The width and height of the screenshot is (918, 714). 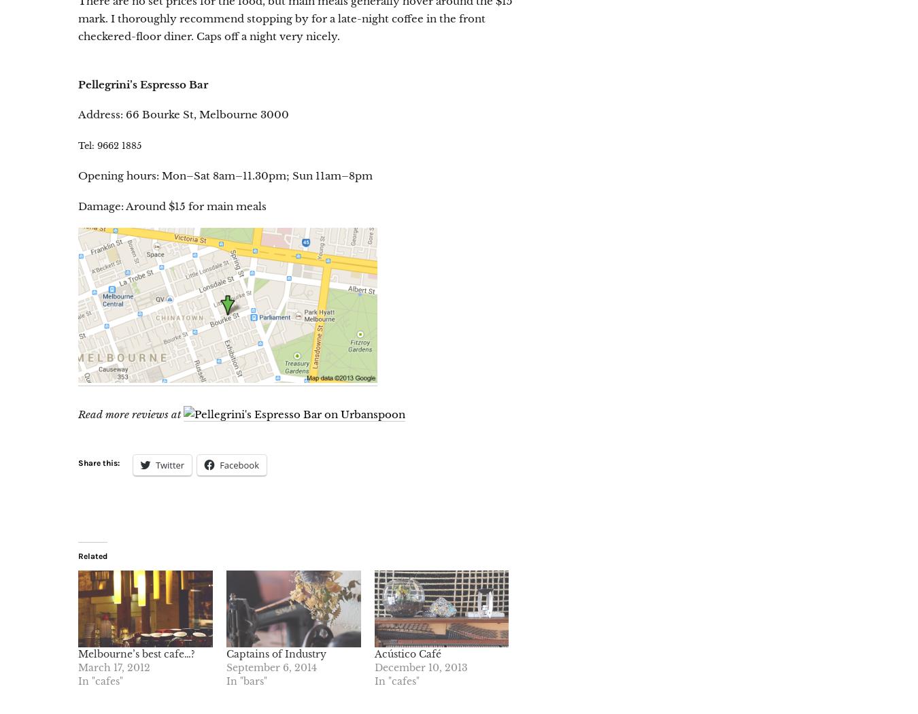 What do you see at coordinates (239, 464) in the screenshot?
I see `'Facebook'` at bounding box center [239, 464].